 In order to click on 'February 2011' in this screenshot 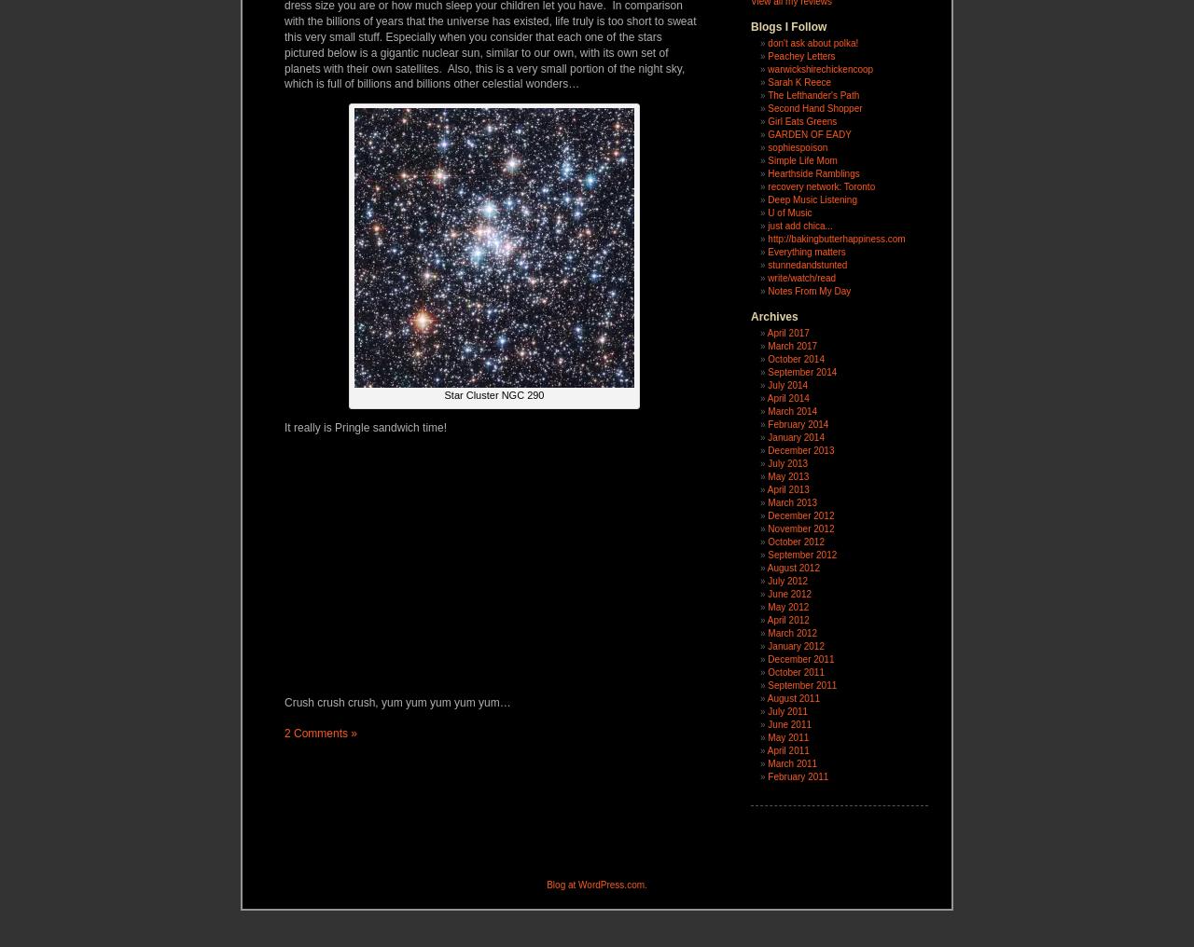, I will do `click(798, 776)`.